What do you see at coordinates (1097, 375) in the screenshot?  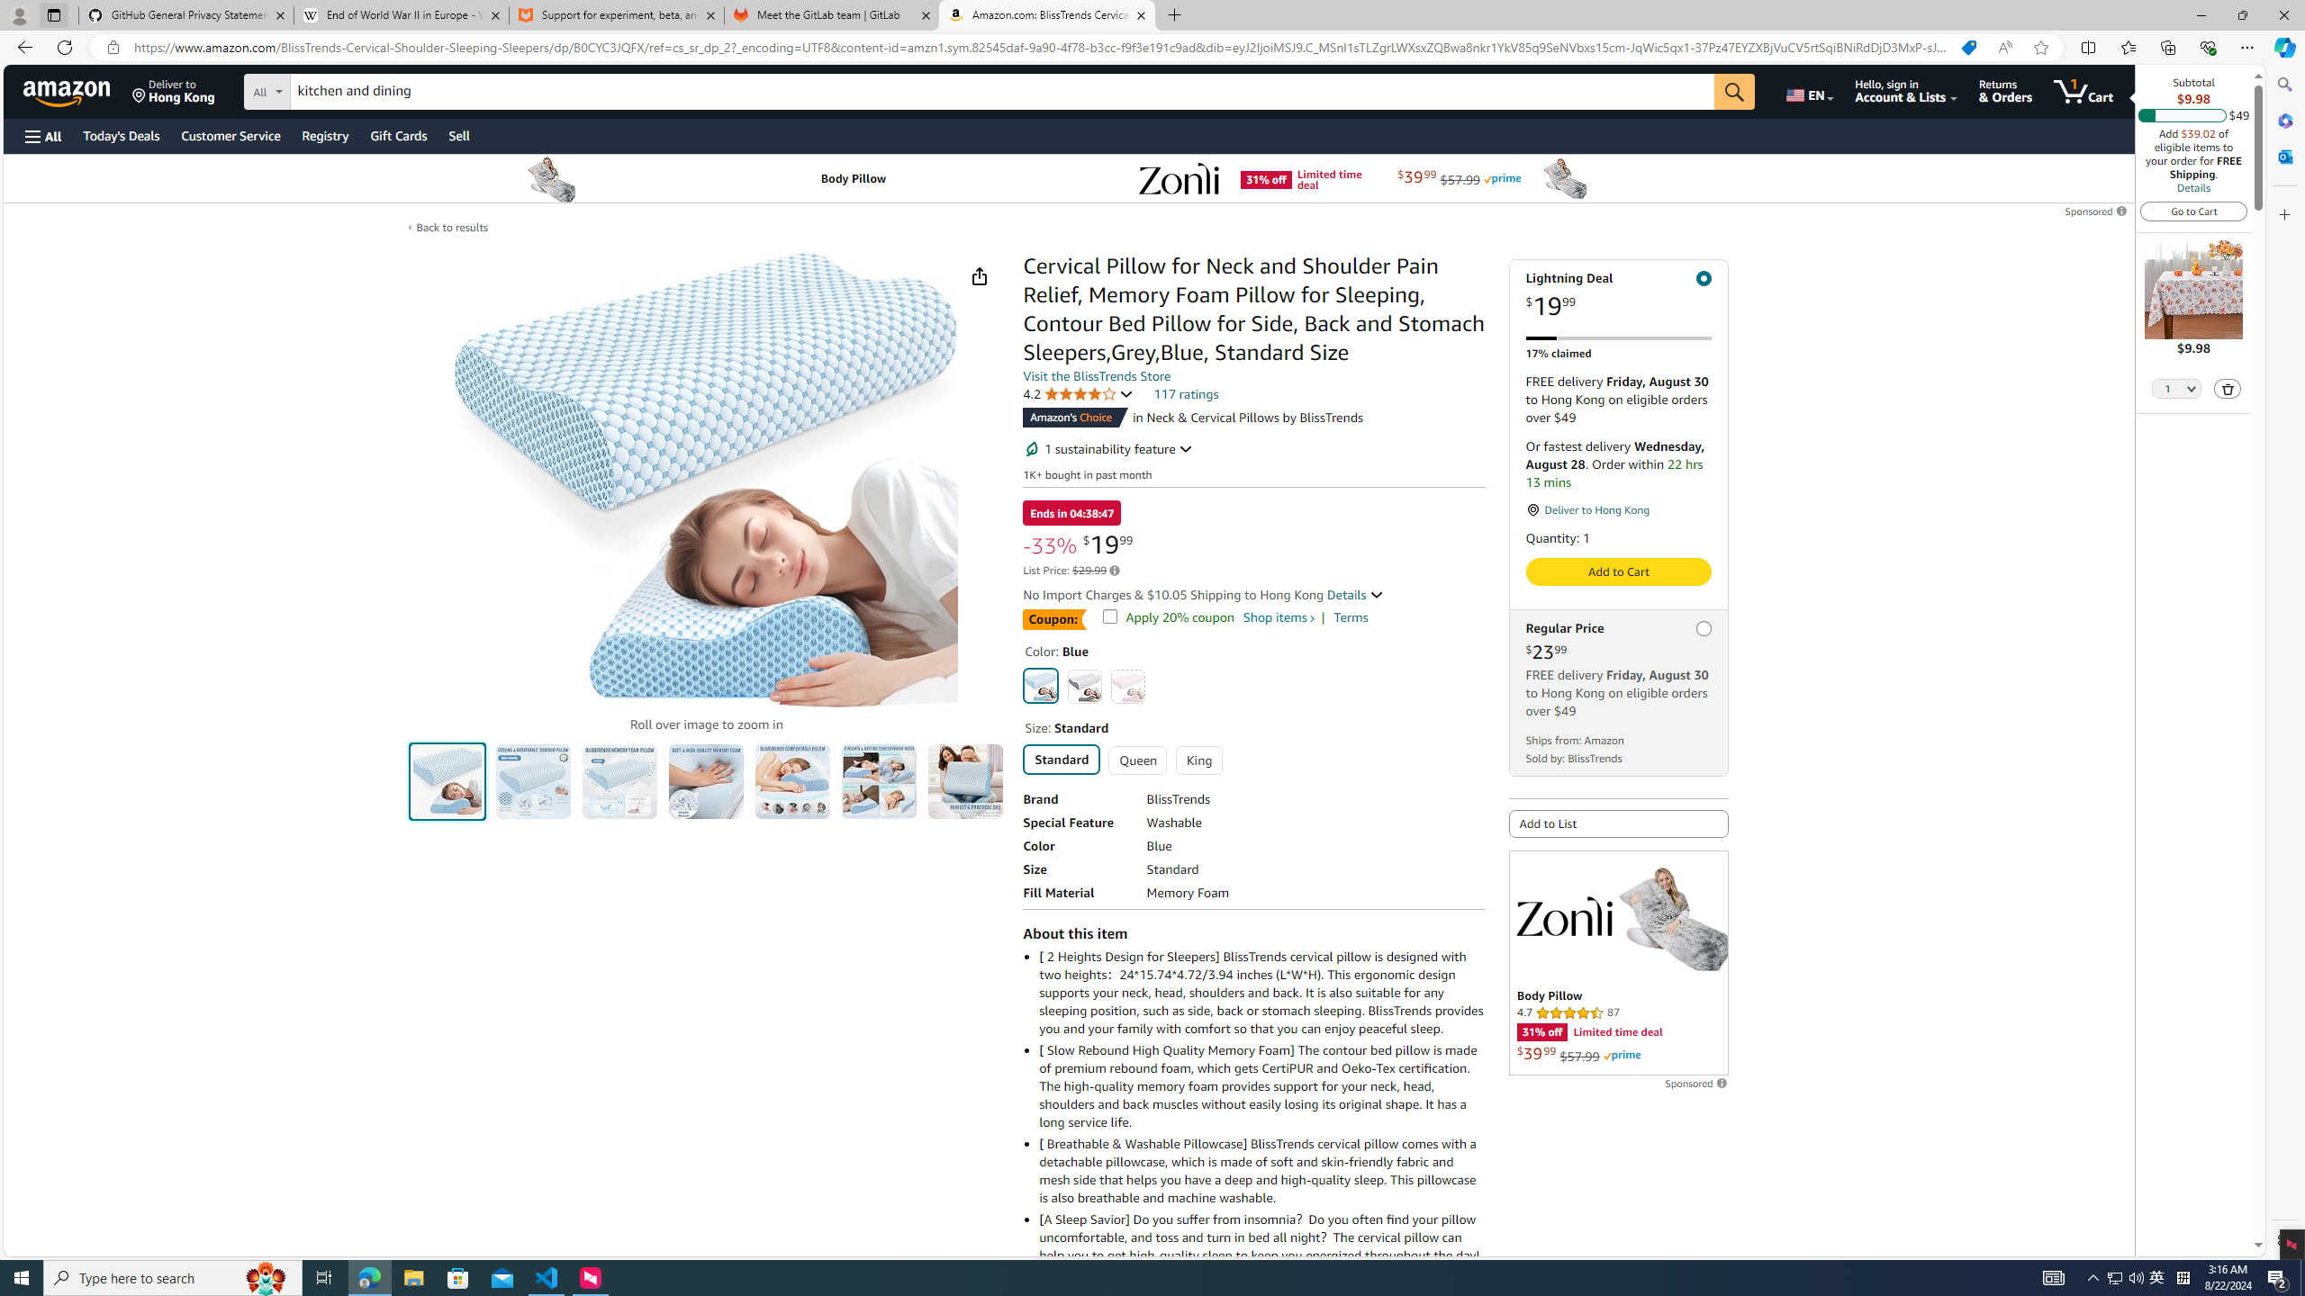 I see `'Visit the BlissTrends Store'` at bounding box center [1097, 375].